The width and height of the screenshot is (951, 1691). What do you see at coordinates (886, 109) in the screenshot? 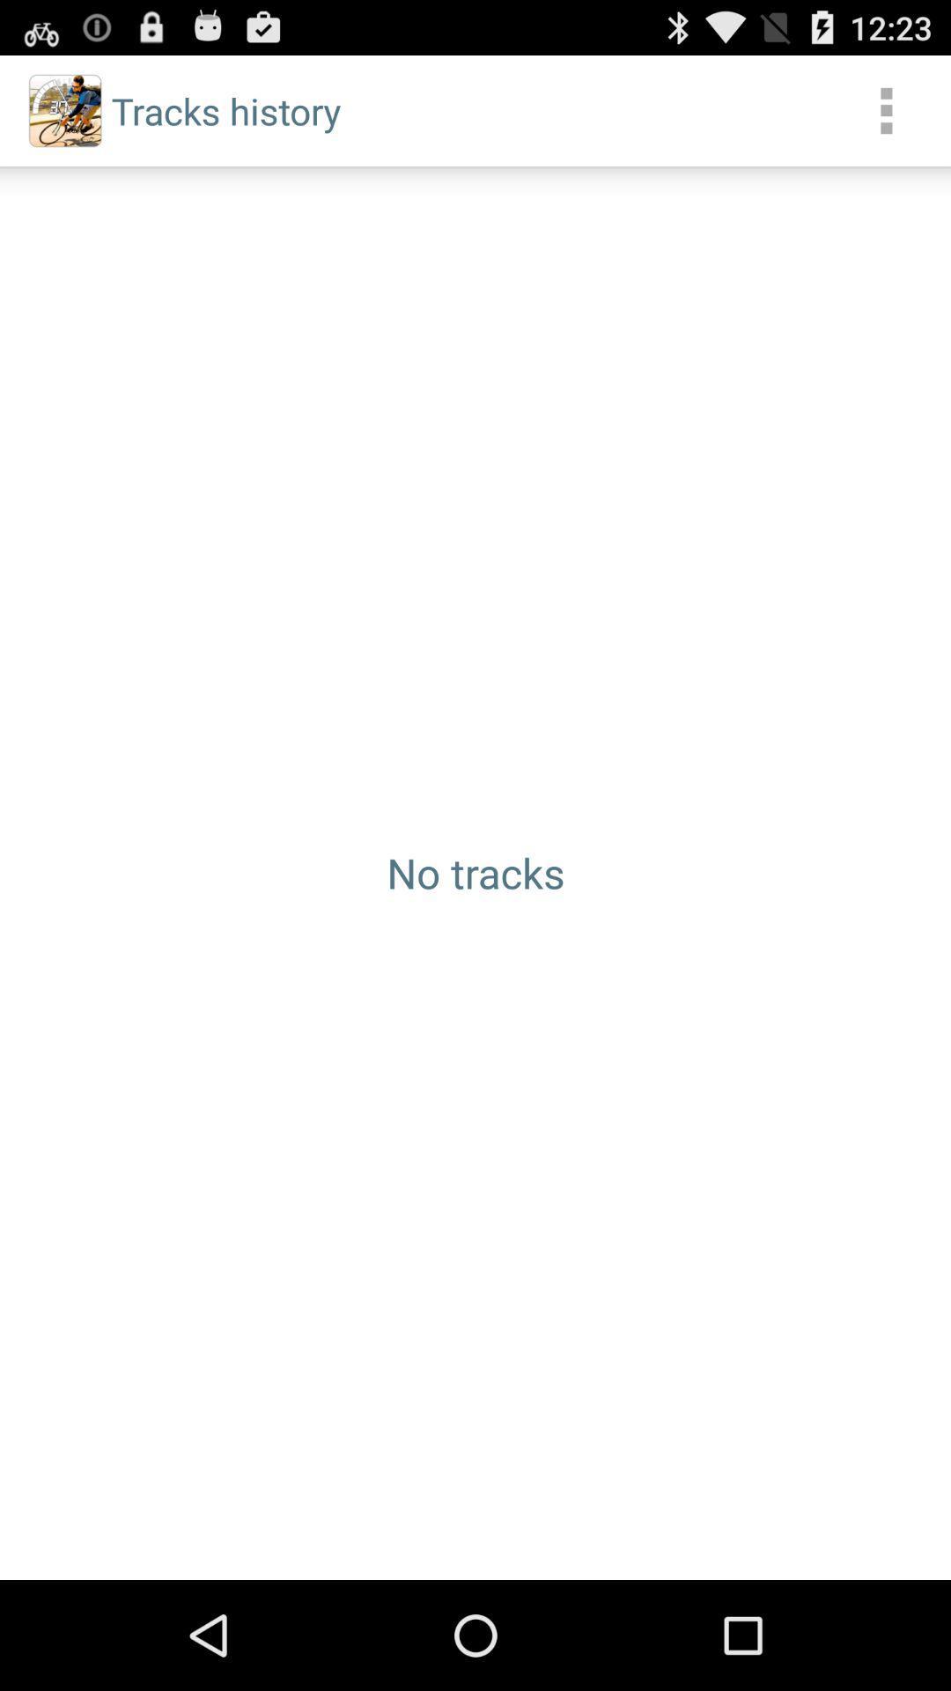
I see `icon at the top right corner` at bounding box center [886, 109].